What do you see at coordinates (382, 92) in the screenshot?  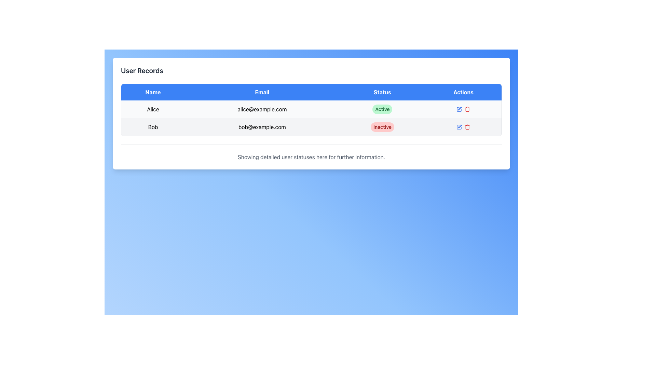 I see `the header label in the table that indicates the status-related values for the listed data, positioned between the 'Email' and 'Actions' headers` at bounding box center [382, 92].